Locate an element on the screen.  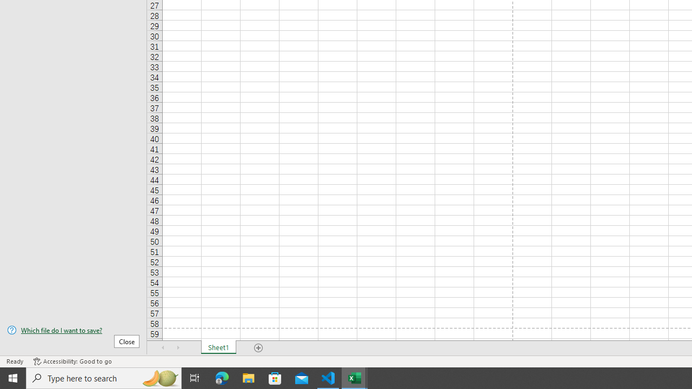
'Which file do I want to save?' is located at coordinates (73, 330).